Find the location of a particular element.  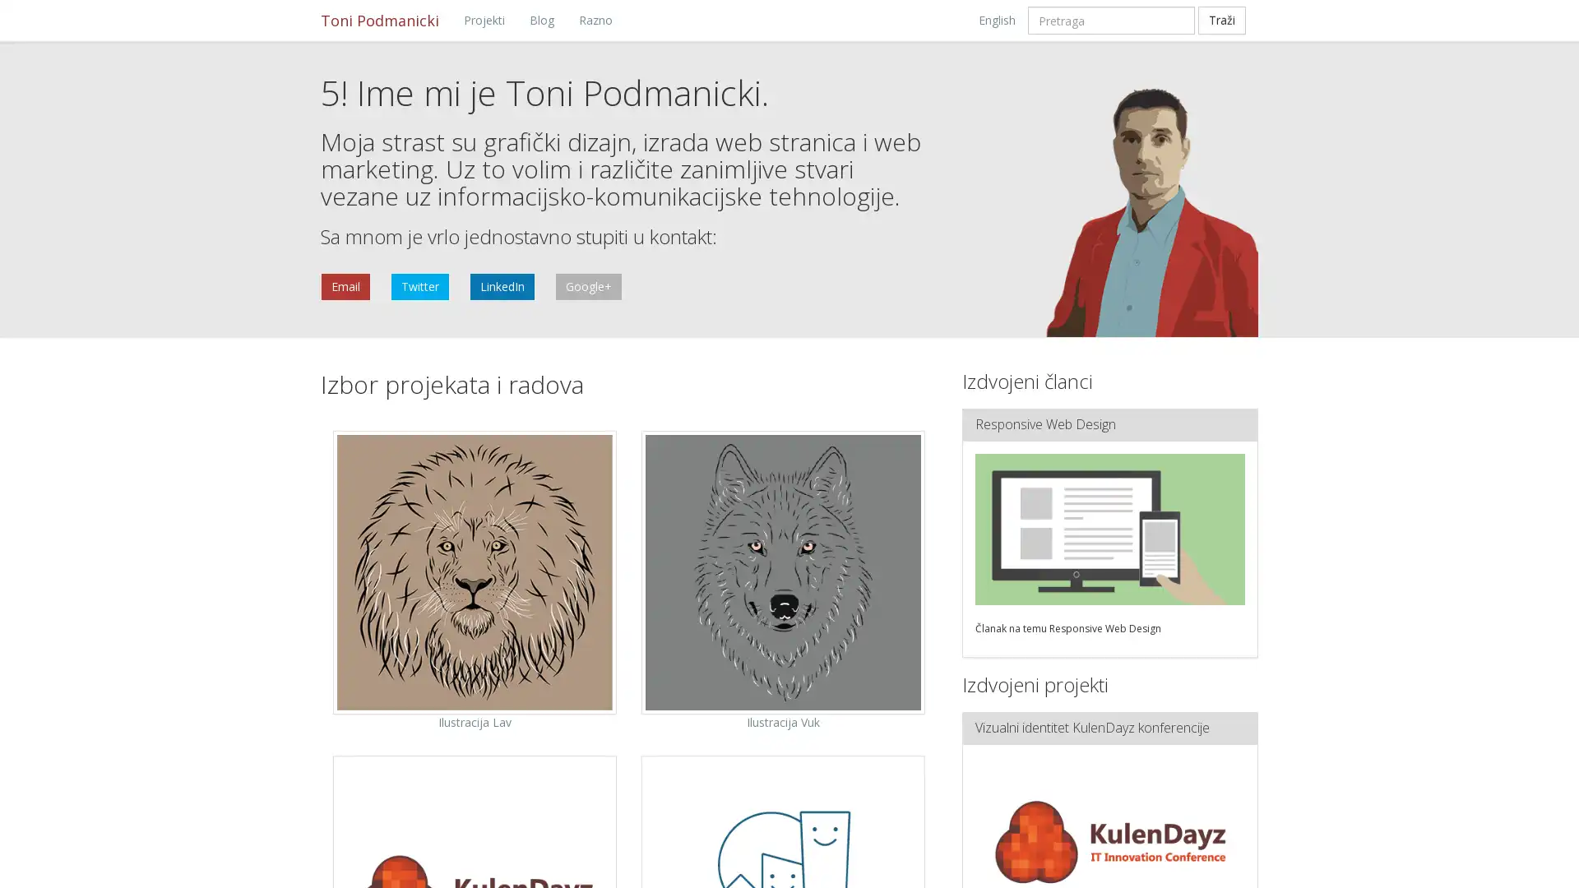

Trazi is located at coordinates (1222, 20).